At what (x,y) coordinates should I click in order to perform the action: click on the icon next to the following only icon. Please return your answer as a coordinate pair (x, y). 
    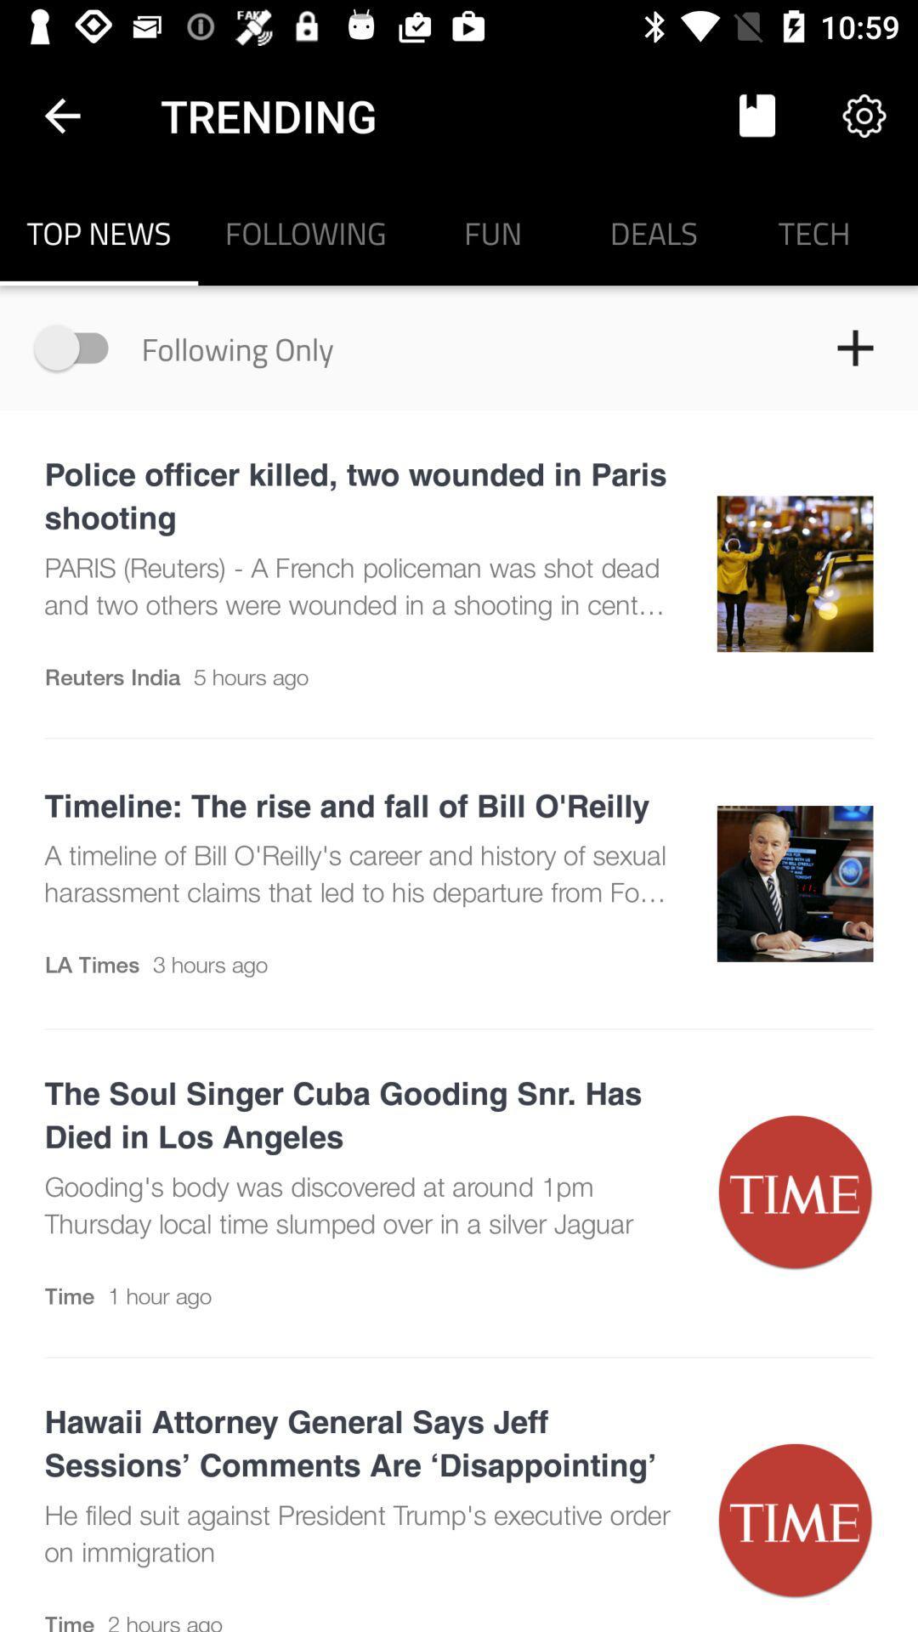
    Looking at the image, I should click on (79, 347).